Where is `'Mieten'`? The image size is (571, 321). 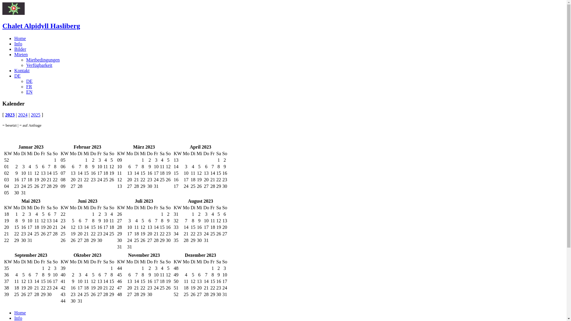 'Mieten' is located at coordinates (21, 54).